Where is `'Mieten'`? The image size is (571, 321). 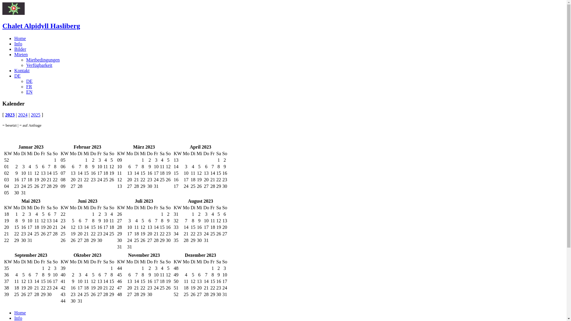 'Mieten' is located at coordinates (21, 54).